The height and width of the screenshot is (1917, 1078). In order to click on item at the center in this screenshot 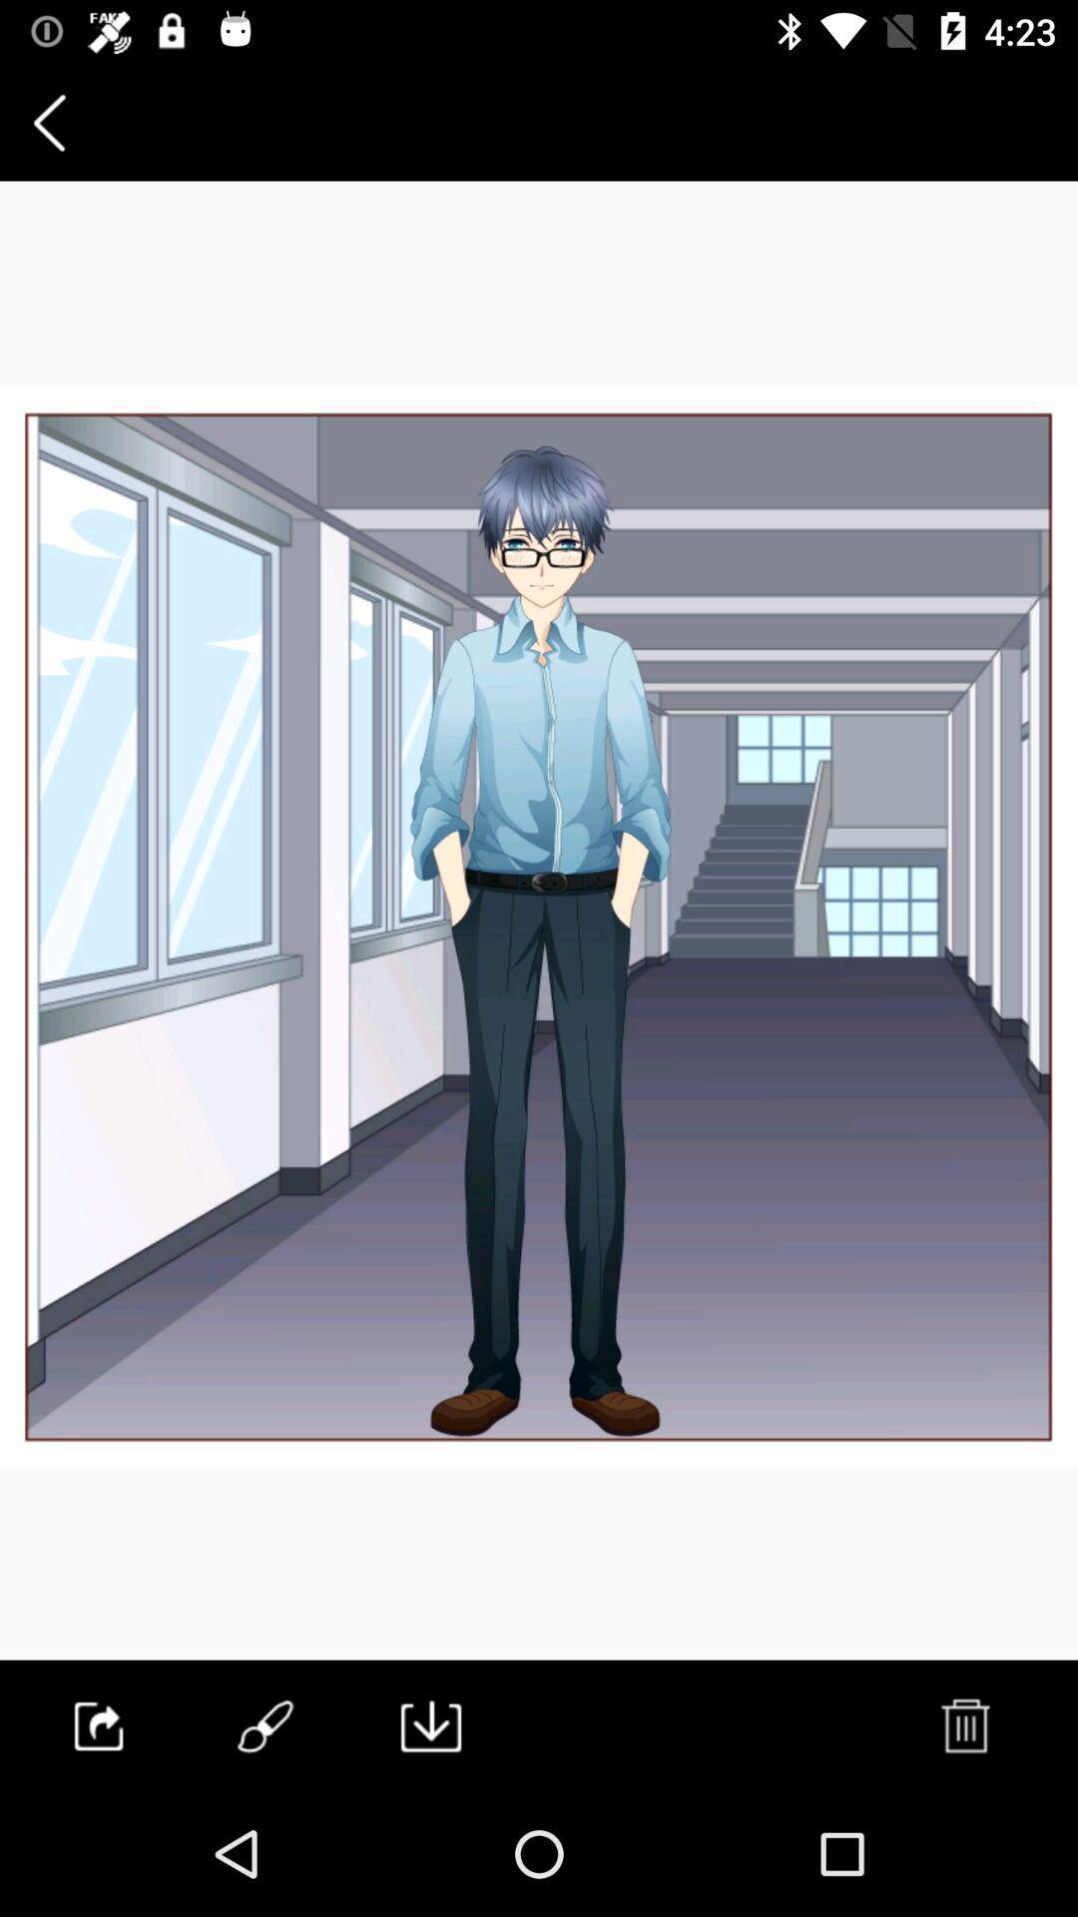, I will do `click(539, 926)`.